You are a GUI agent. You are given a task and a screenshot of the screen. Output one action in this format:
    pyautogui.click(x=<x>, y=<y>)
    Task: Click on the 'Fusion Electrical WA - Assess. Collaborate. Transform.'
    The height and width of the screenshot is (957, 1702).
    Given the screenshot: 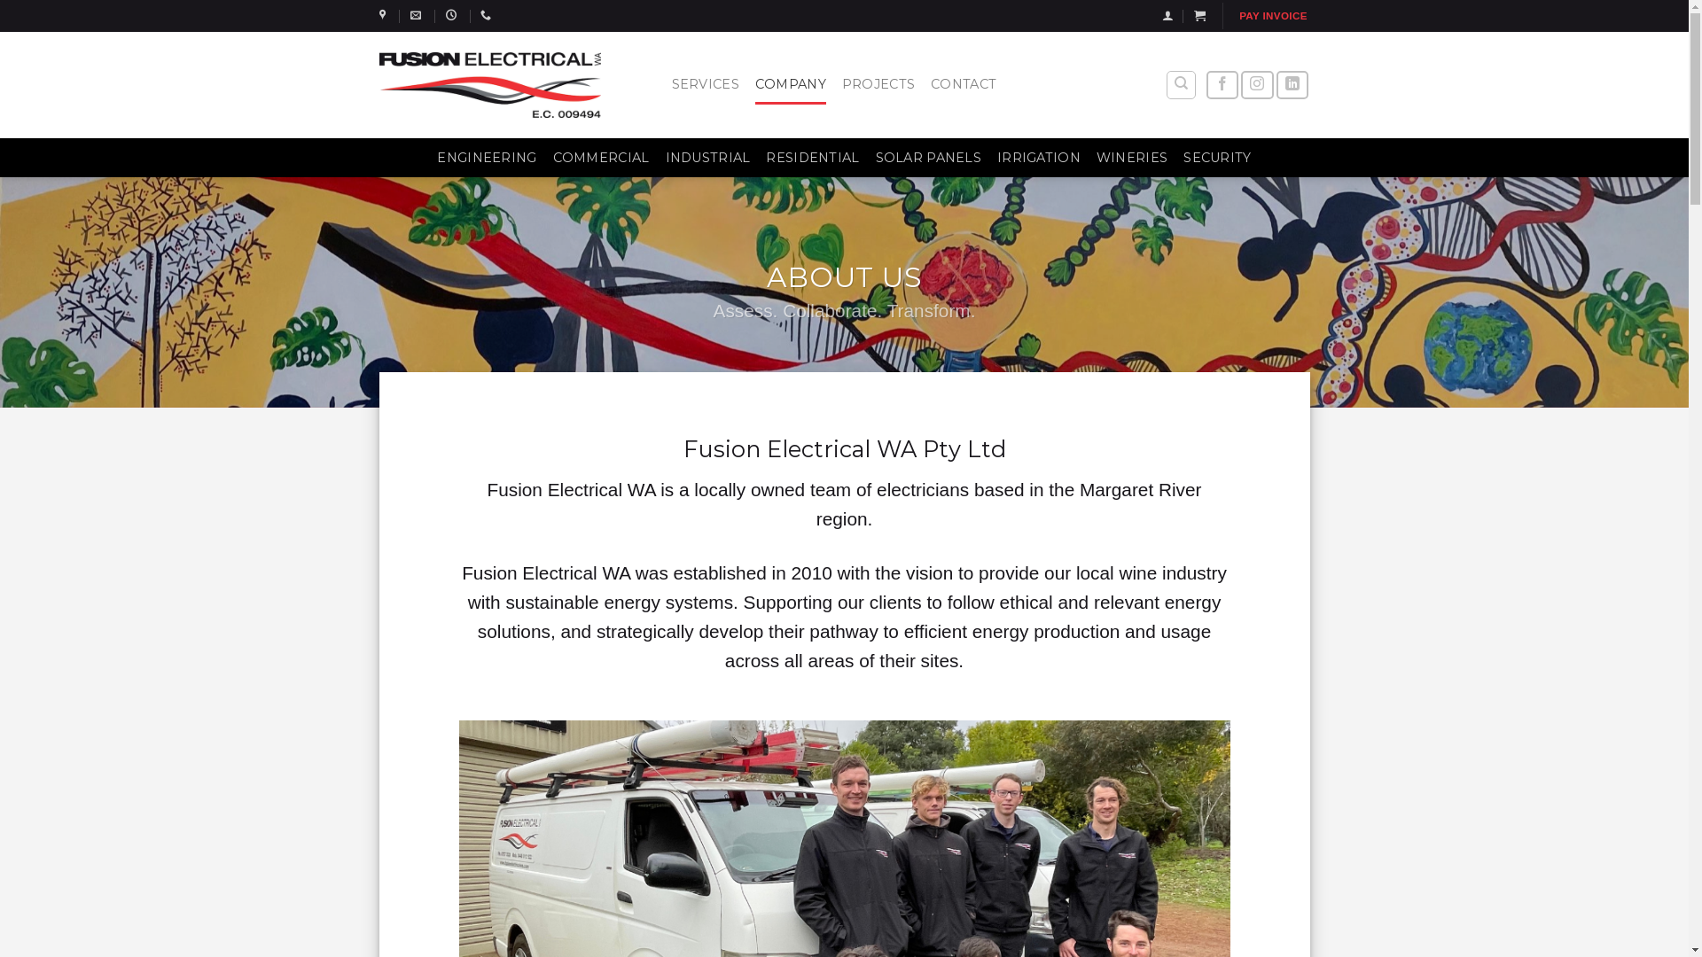 What is the action you would take?
    pyautogui.click(x=489, y=84)
    